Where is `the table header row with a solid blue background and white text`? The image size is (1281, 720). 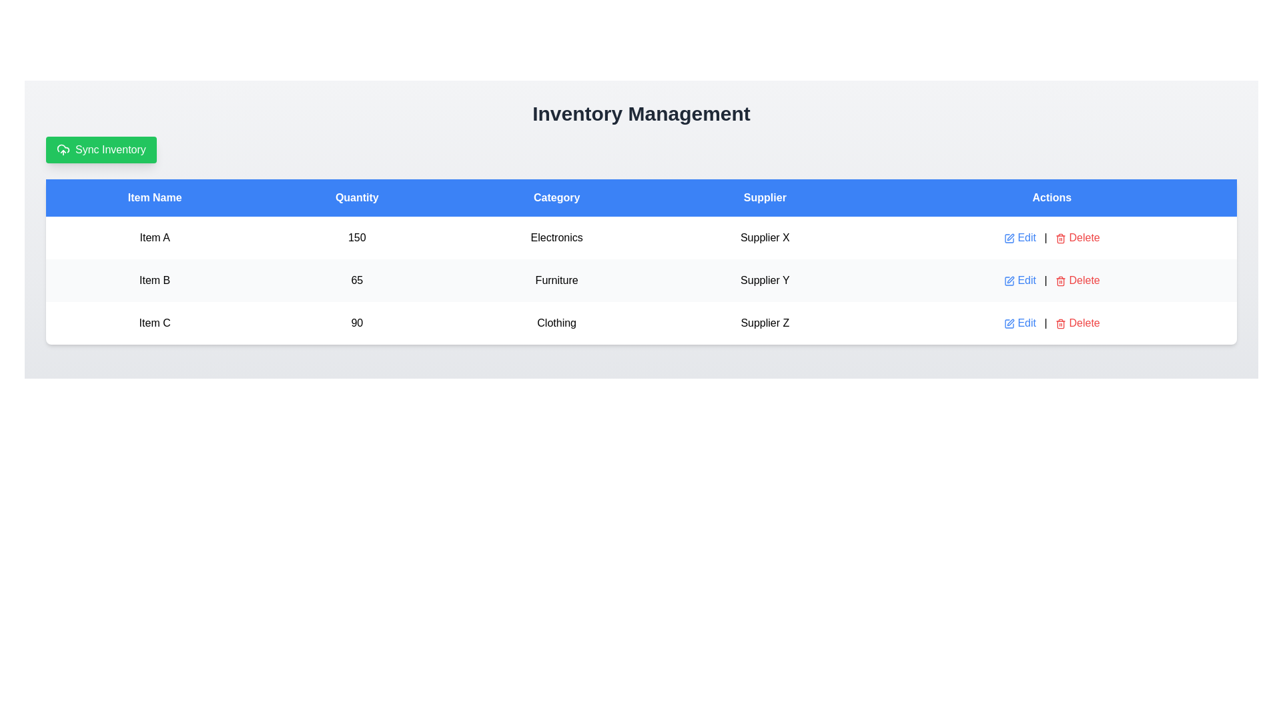
the table header row with a solid blue background and white text is located at coordinates (641, 198).